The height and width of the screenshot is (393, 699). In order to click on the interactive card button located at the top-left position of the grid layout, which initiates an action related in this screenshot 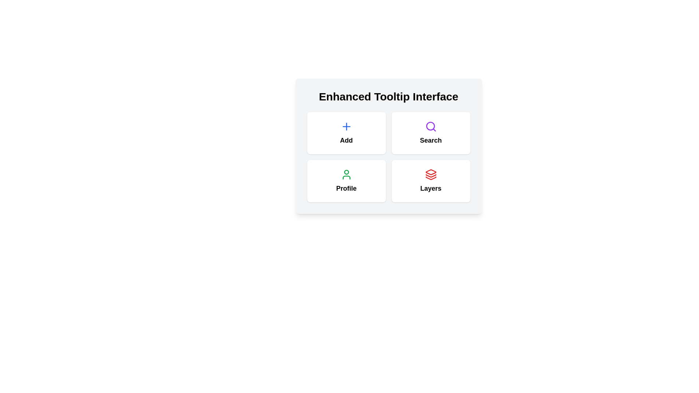, I will do `click(346, 133)`.